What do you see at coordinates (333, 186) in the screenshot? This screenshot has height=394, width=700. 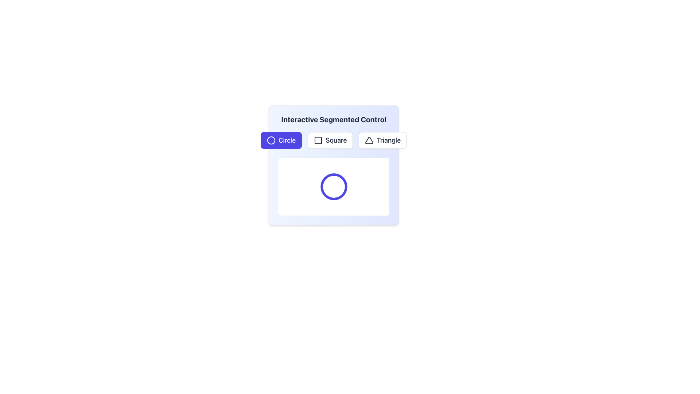 I see `the visual representation of the circular shape with a blue outline, which is centrally positioned within a white background under the 'Interactive Segmented Control'` at bounding box center [333, 186].